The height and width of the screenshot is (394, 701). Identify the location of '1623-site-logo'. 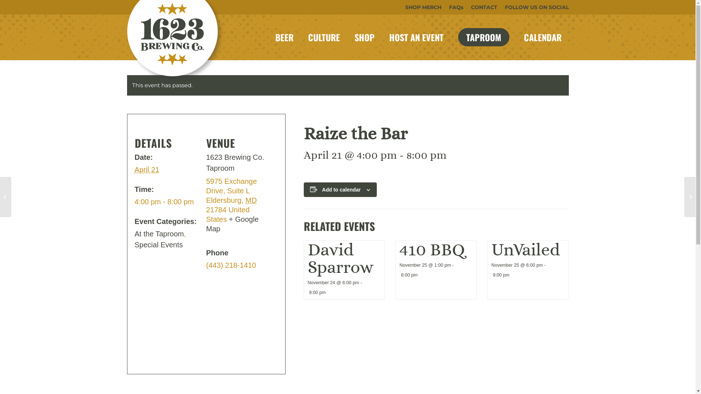
(175, 45).